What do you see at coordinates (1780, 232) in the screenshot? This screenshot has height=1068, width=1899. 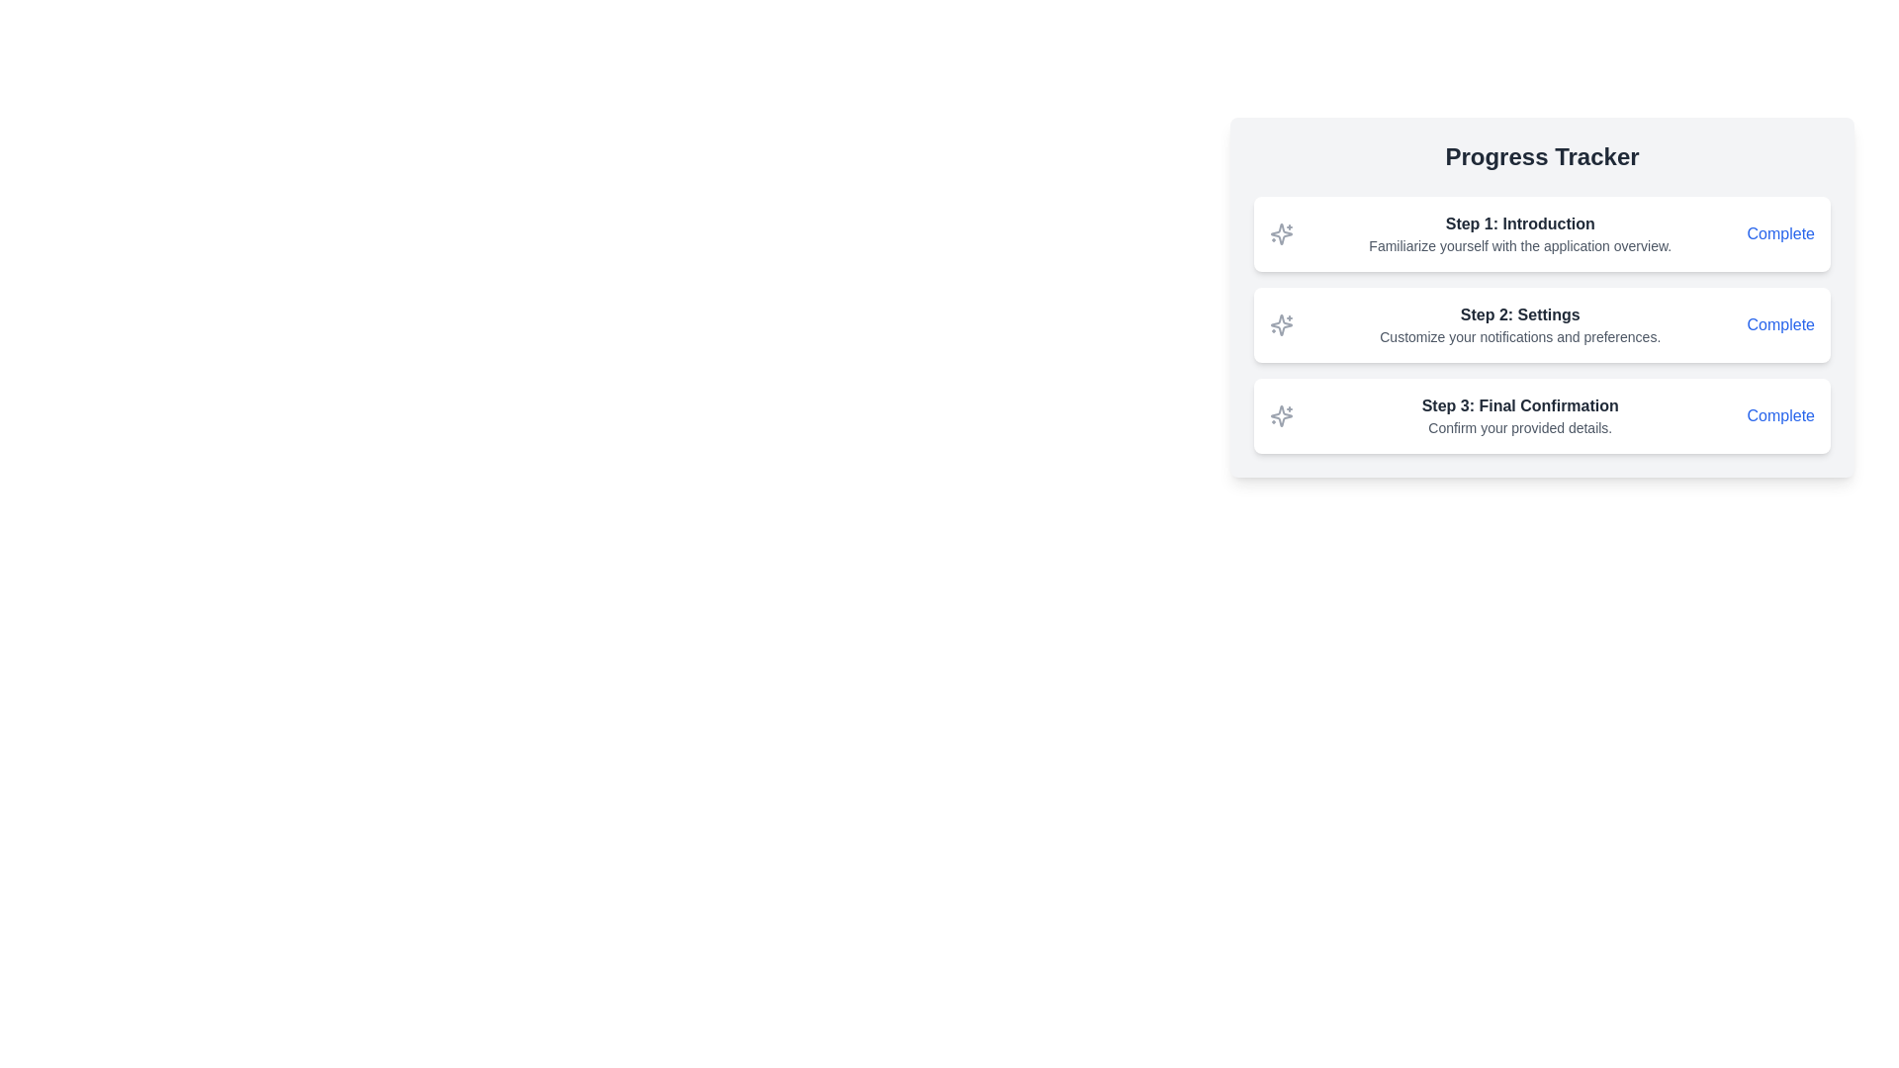 I see `the interactive text link positioned in the rightmost part of the first step card` at bounding box center [1780, 232].